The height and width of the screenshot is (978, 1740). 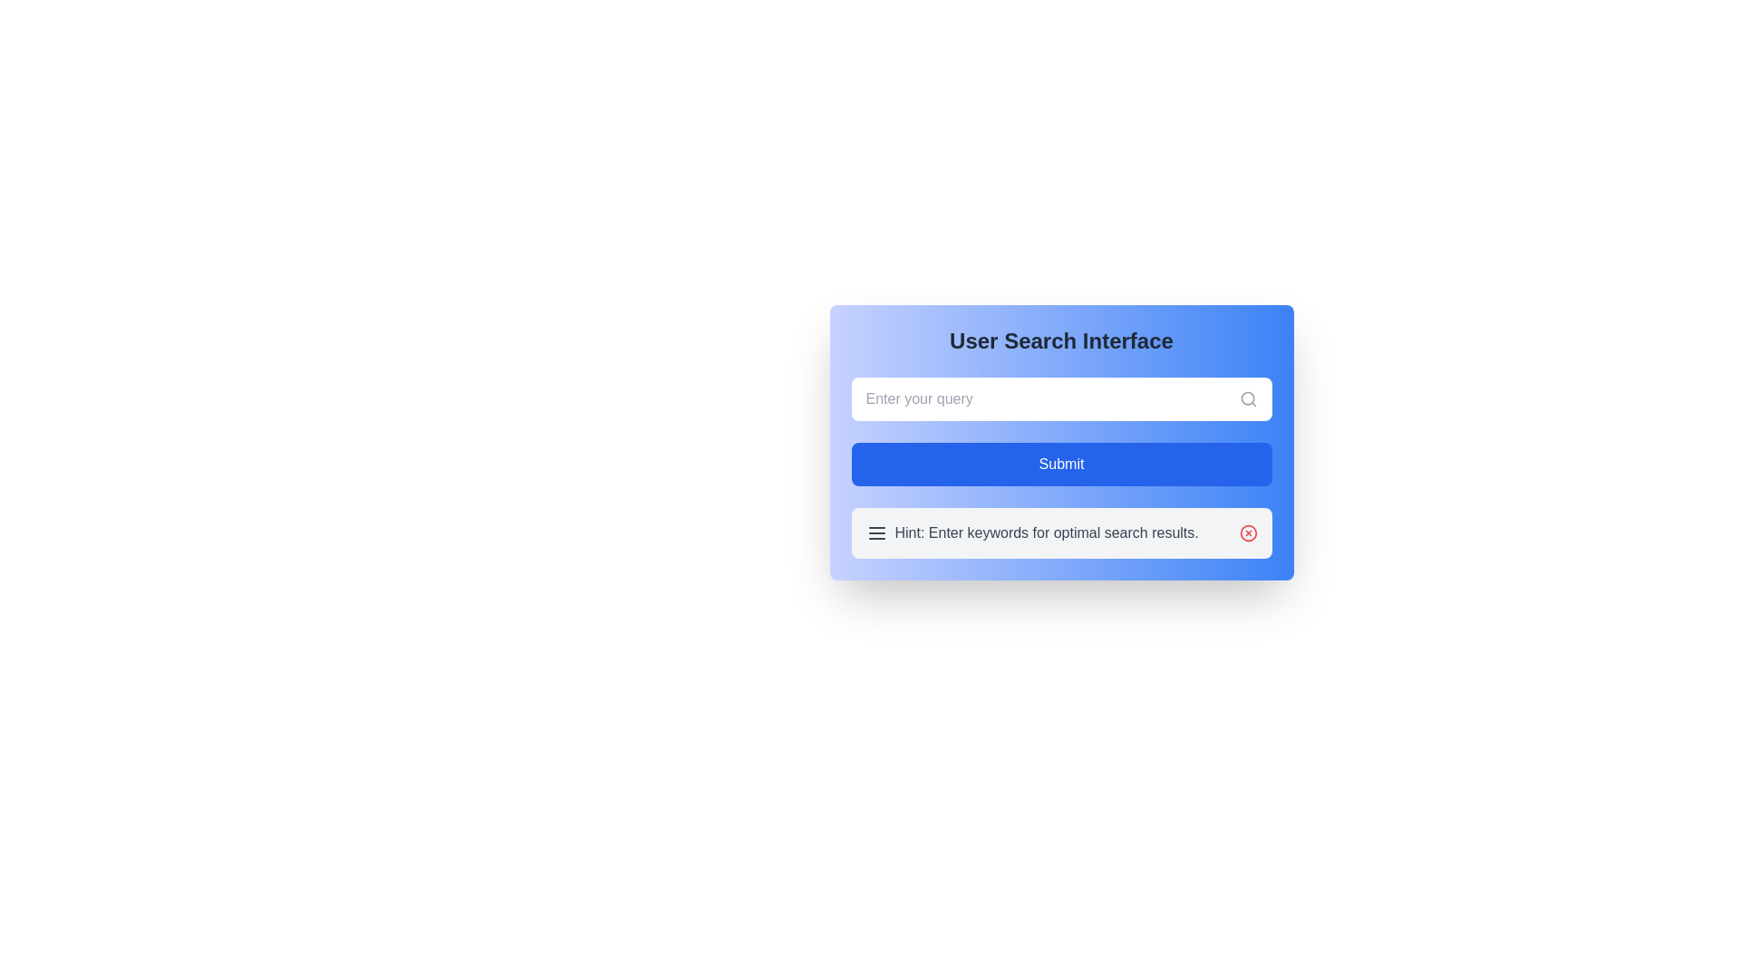 What do you see at coordinates (876, 532) in the screenshot?
I see `the gray menu icon consisting of three horizontal lines stacked vertically` at bounding box center [876, 532].